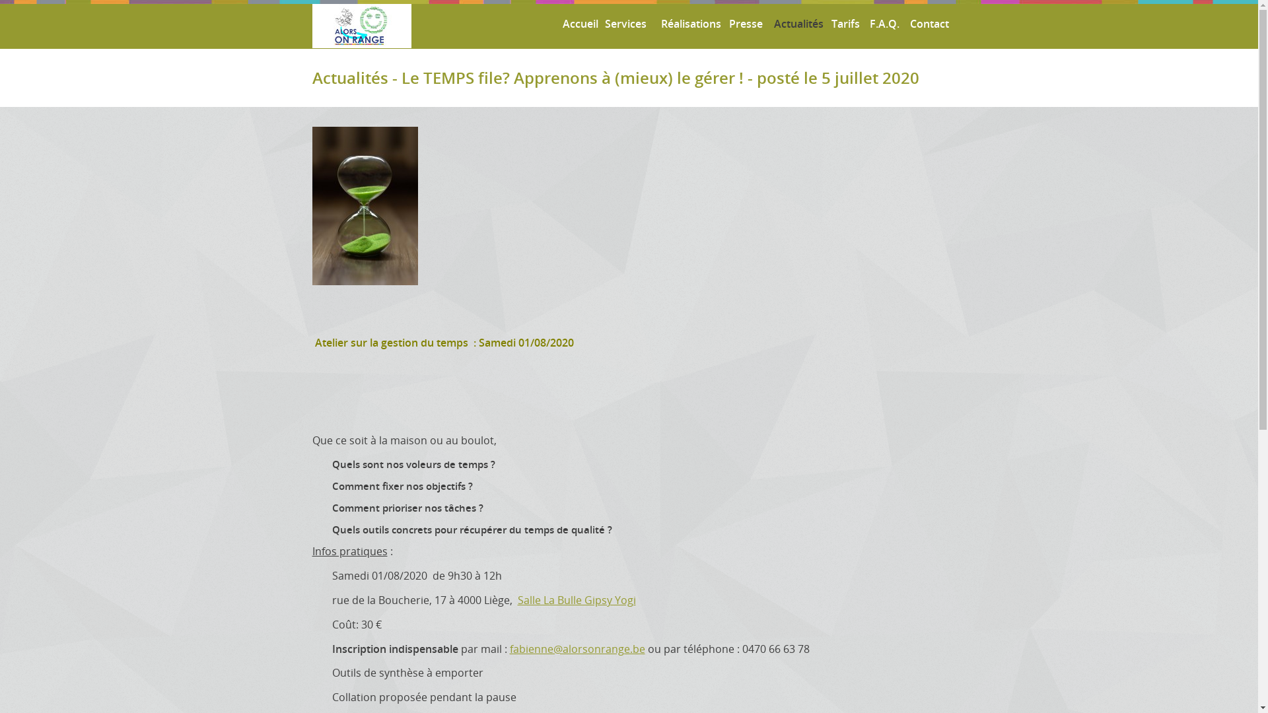 This screenshot has height=713, width=1268. Describe the element at coordinates (882, 23) in the screenshot. I see `'F.A.Q.'` at that location.